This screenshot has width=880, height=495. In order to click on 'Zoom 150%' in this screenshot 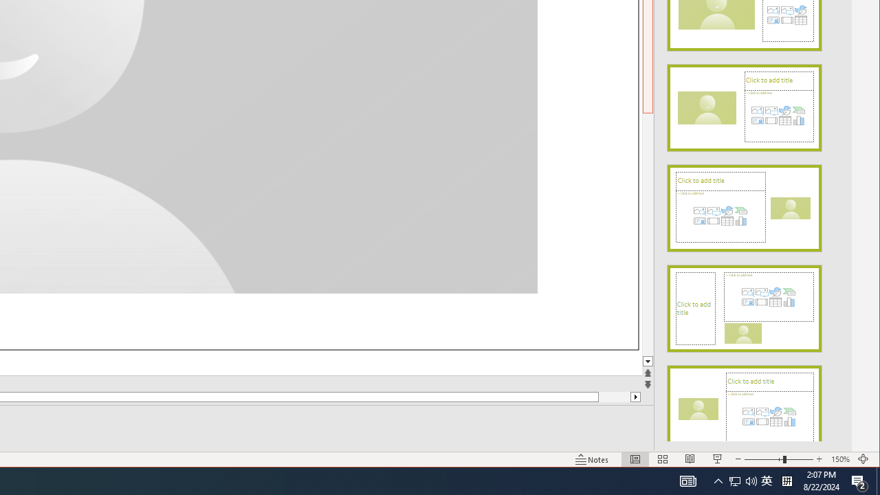, I will do `click(839, 459)`.